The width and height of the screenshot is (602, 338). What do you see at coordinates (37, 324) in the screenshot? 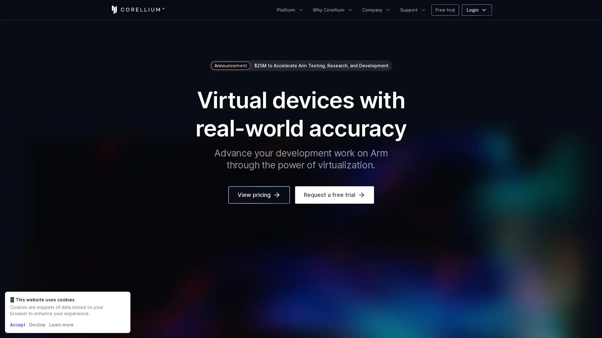
I see `Decline` at bounding box center [37, 324].